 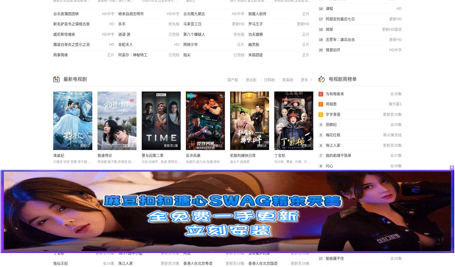 What do you see at coordinates (168, 224) in the screenshot?
I see `'更新01'` at bounding box center [168, 224].